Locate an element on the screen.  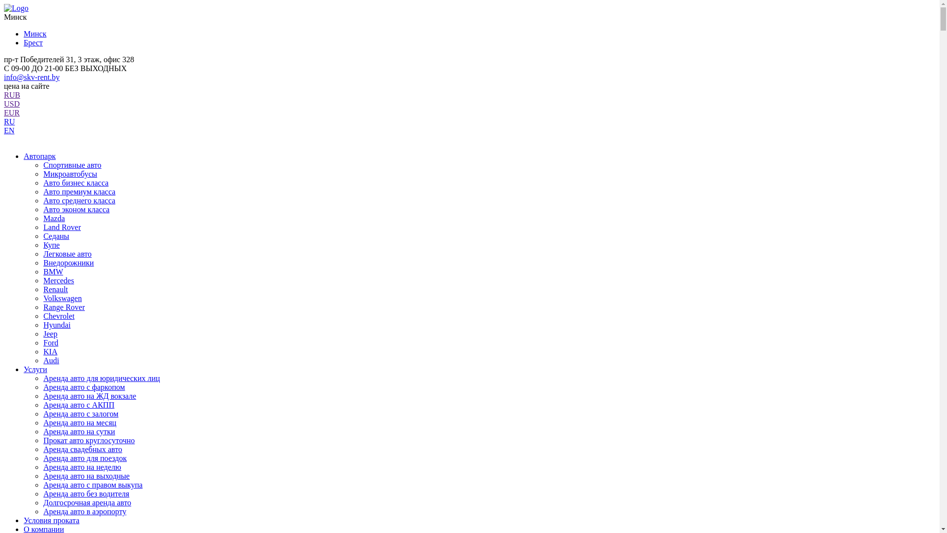
'Land Rover' is located at coordinates (61, 227).